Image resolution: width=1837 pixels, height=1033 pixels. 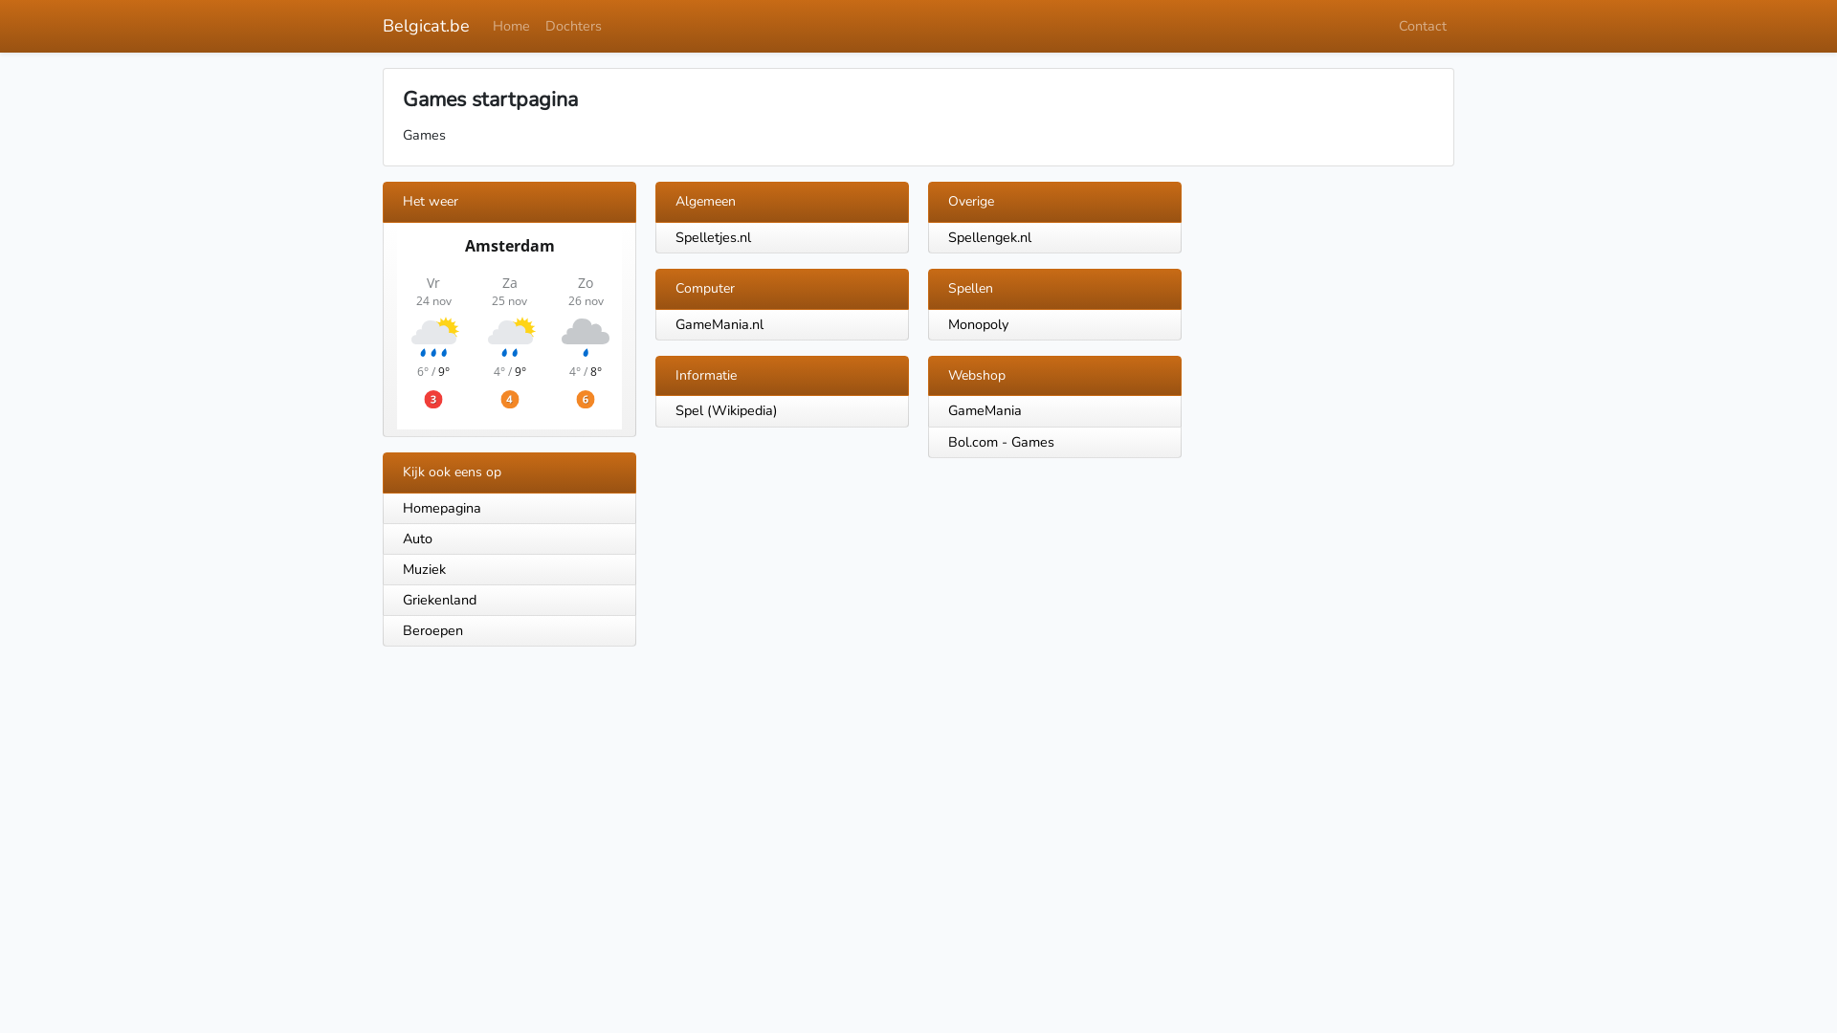 I want to click on 'Muziek', so click(x=509, y=569).